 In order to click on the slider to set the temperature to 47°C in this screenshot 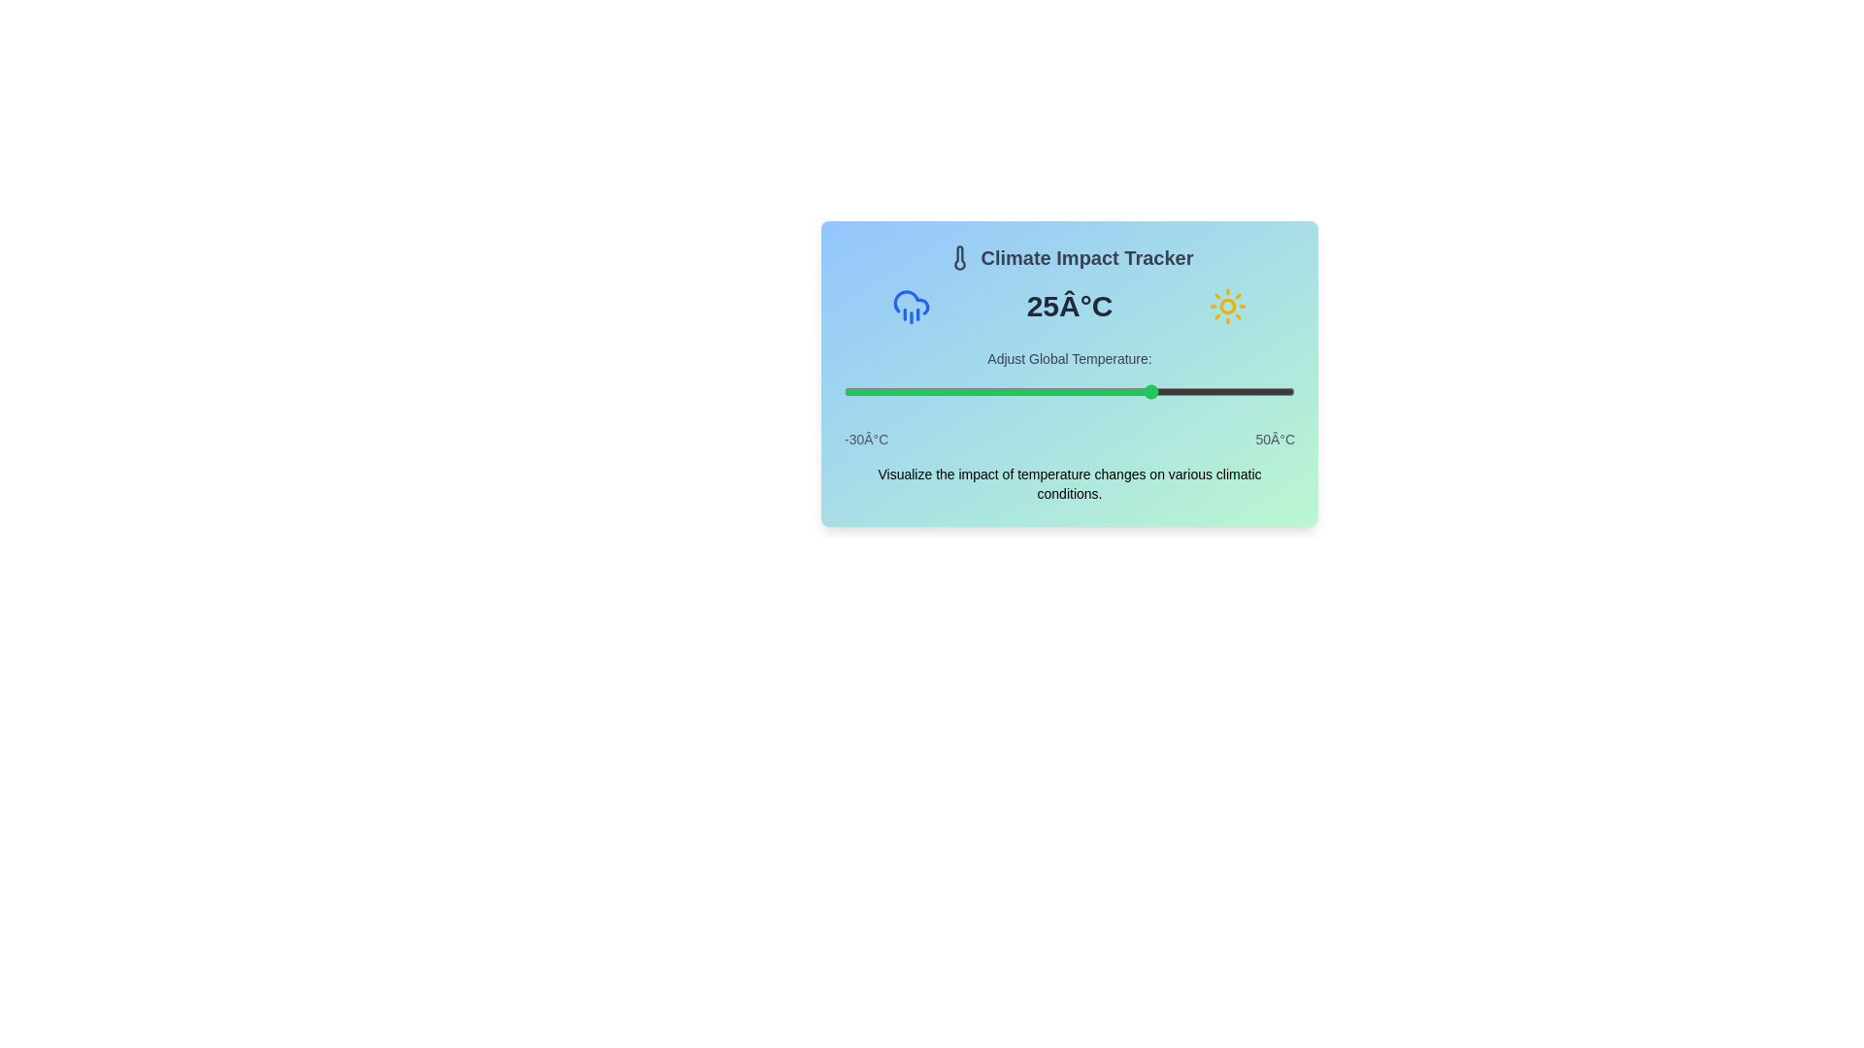, I will do `click(1278, 392)`.